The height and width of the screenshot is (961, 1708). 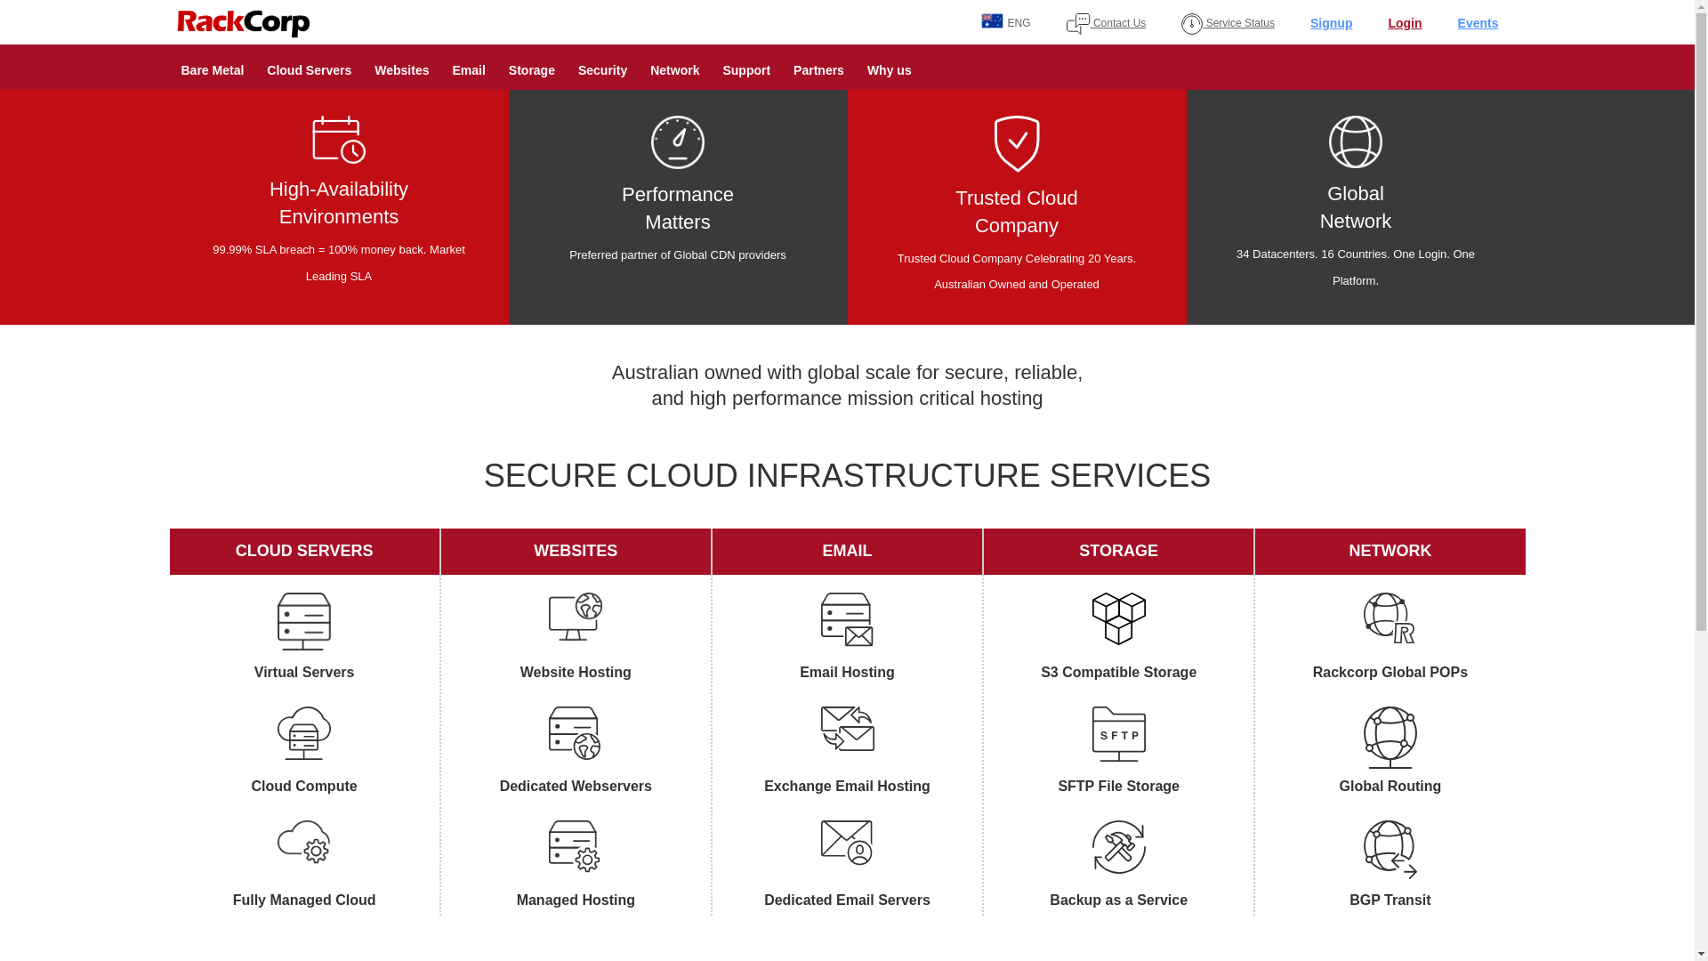 What do you see at coordinates (304, 750) in the screenshot?
I see `'Cloud Compute'` at bounding box center [304, 750].